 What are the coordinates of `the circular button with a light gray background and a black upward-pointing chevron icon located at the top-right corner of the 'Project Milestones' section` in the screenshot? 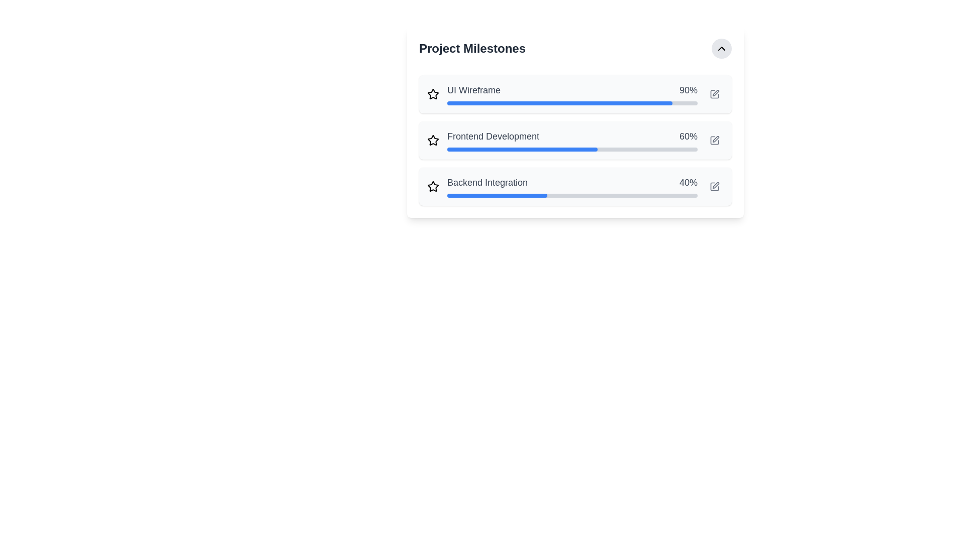 It's located at (721, 48).